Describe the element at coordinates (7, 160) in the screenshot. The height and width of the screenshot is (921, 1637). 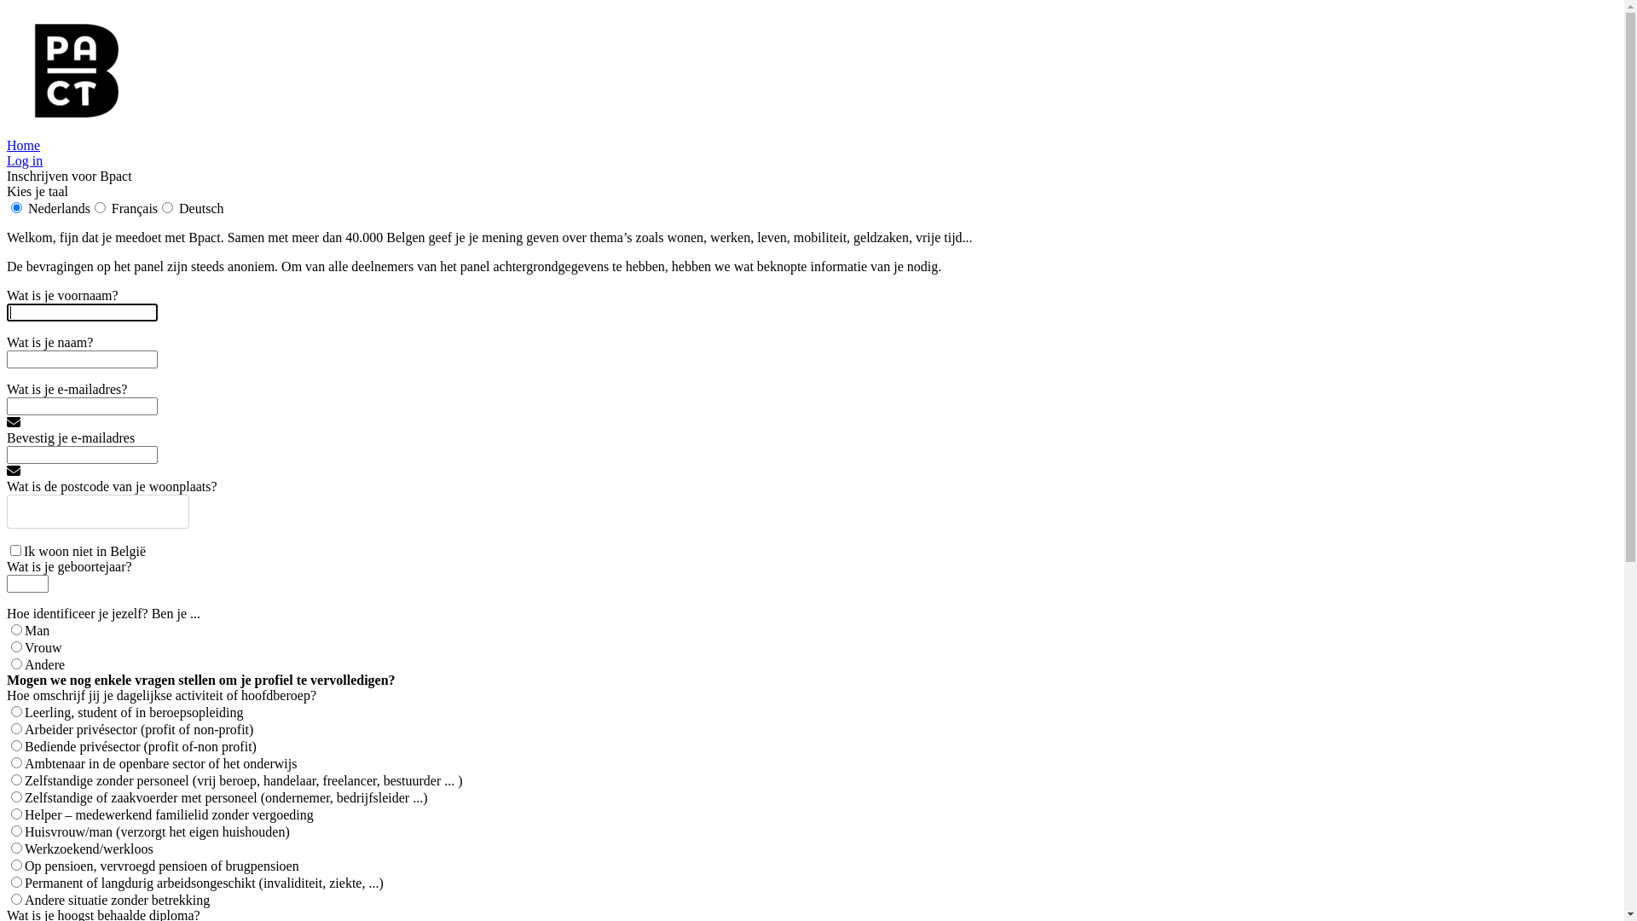
I see `'Log in'` at that location.